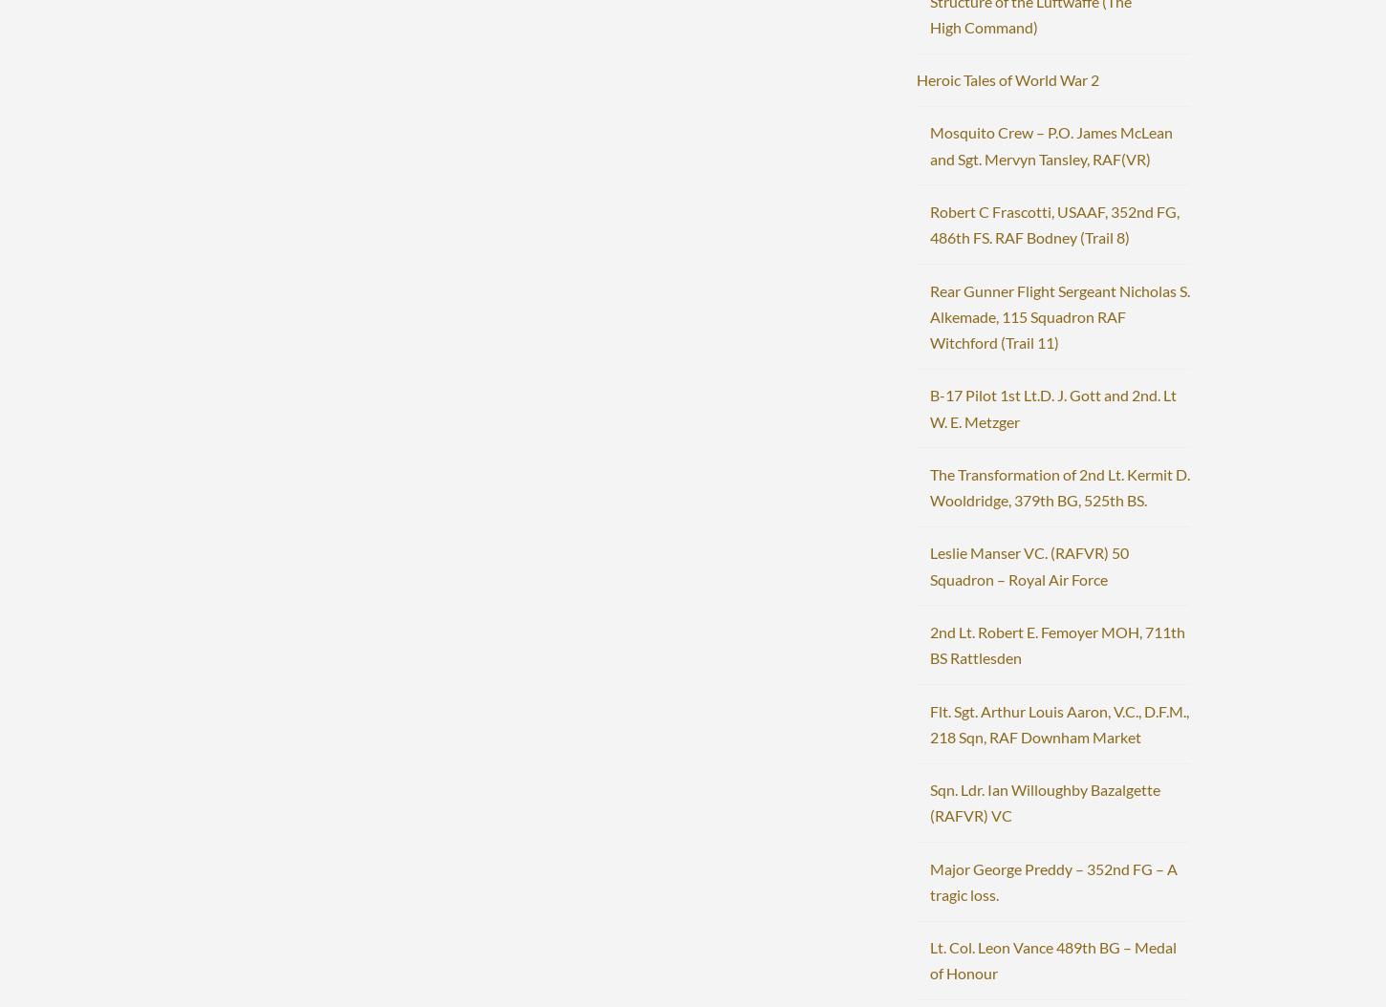  I want to click on 'Rear Gunner Flight Sergeant Nicholas S. Alkemade, 115 Squadron RAF Witchford (Trail 11)', so click(1057, 315).